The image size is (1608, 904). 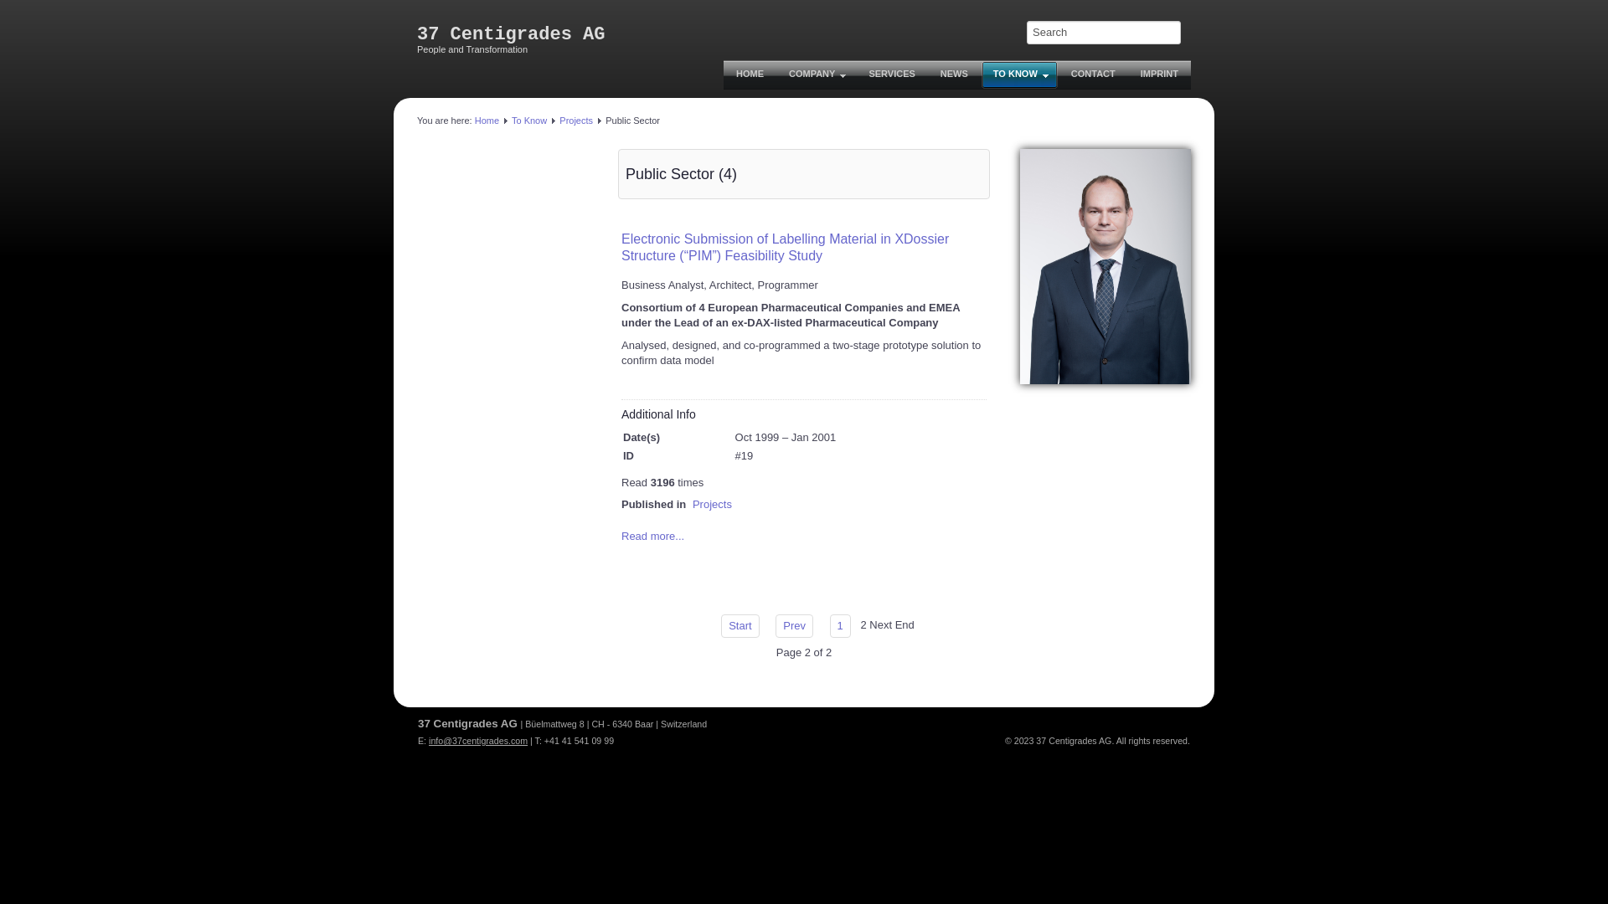 What do you see at coordinates (510, 119) in the screenshot?
I see `'To Know'` at bounding box center [510, 119].